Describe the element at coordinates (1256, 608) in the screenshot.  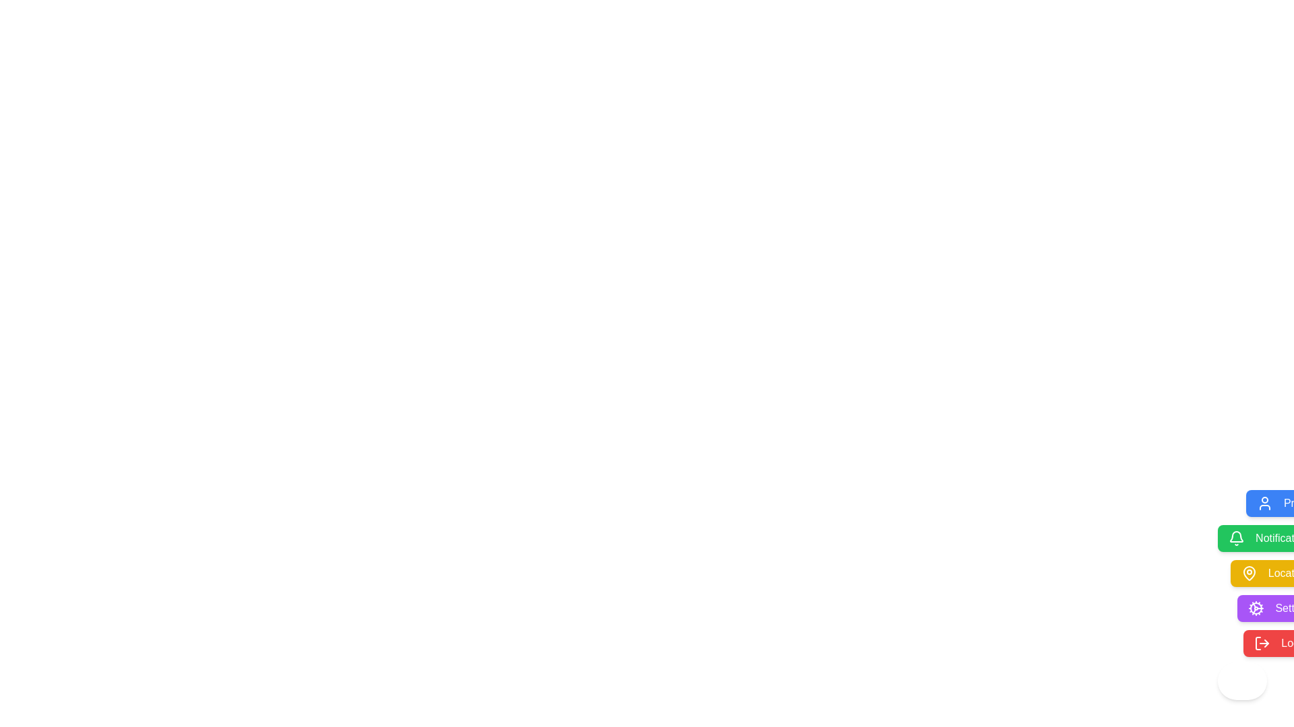
I see `the innermost circle of the cogwheel graphical element located near the bottom right corner of the interface` at that location.